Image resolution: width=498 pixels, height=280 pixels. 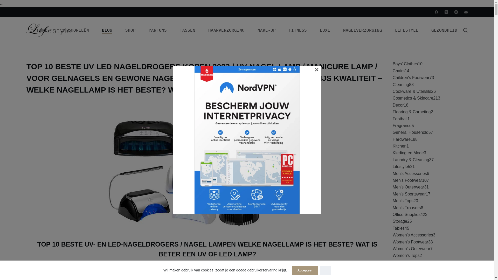 What do you see at coordinates (413, 235) in the screenshot?
I see `'Women's Accessories'` at bounding box center [413, 235].